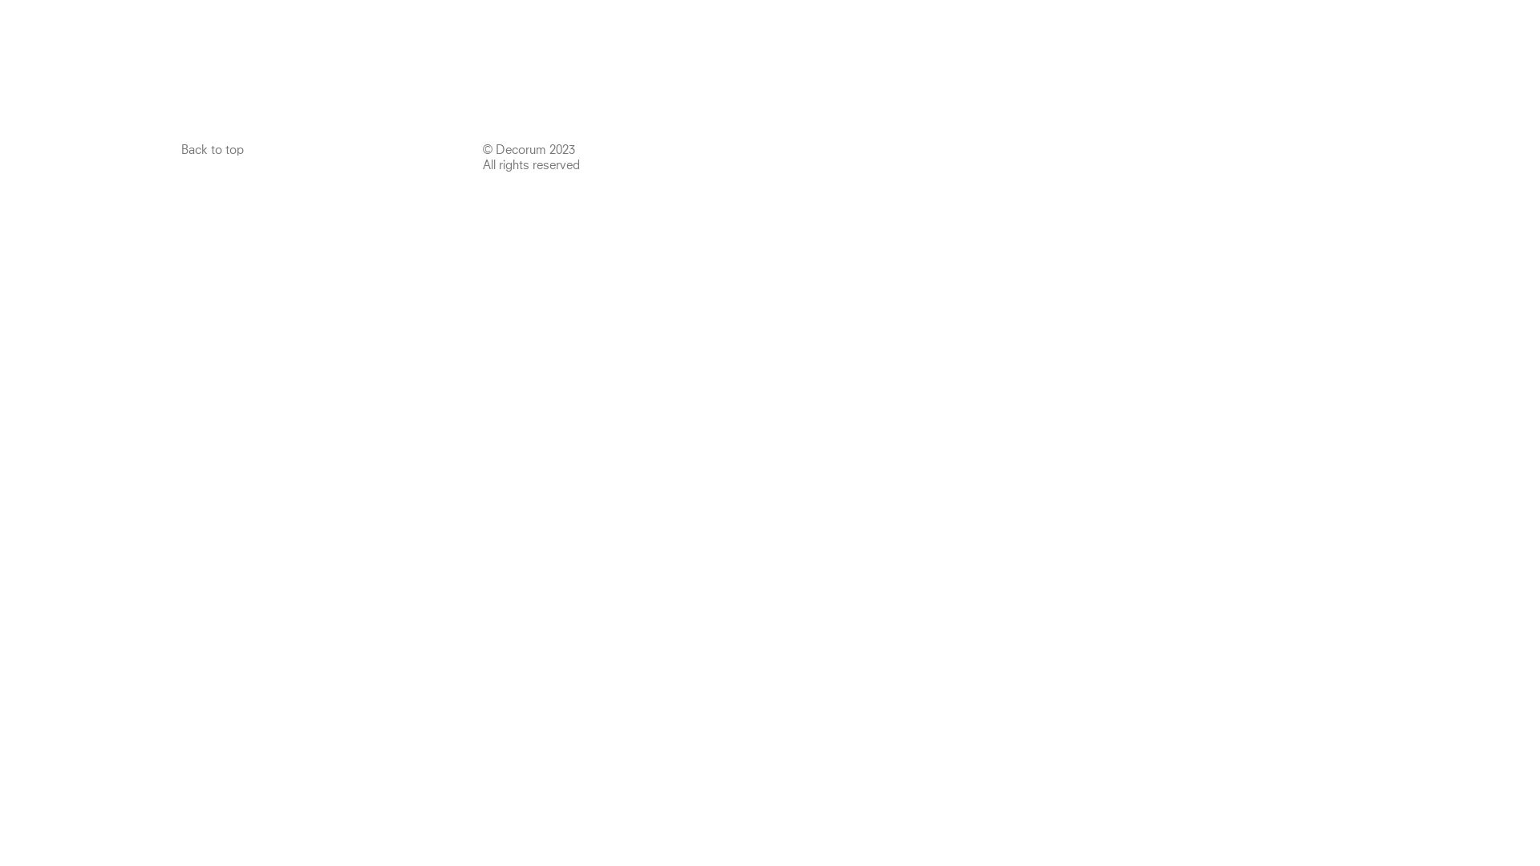 Image resolution: width=1540 pixels, height=866 pixels. I want to click on 'Back to top', so click(211, 150).